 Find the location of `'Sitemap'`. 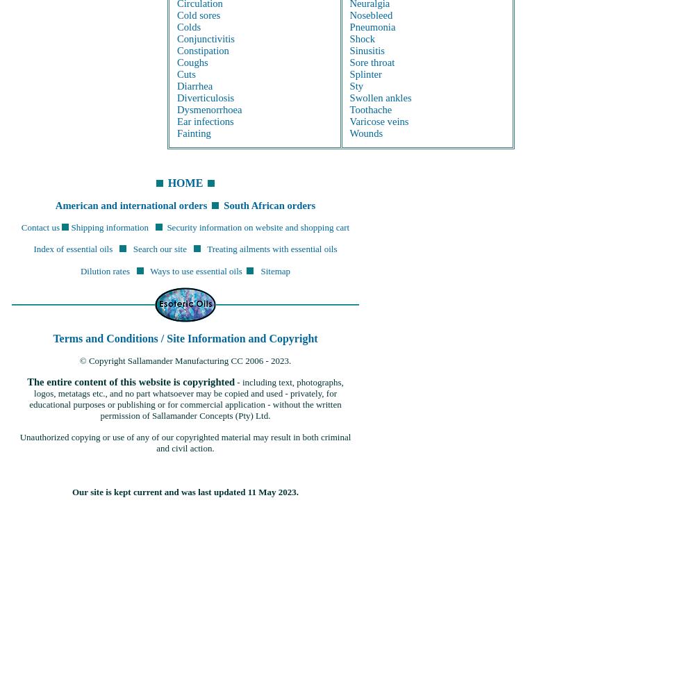

'Sitemap' is located at coordinates (275, 270).